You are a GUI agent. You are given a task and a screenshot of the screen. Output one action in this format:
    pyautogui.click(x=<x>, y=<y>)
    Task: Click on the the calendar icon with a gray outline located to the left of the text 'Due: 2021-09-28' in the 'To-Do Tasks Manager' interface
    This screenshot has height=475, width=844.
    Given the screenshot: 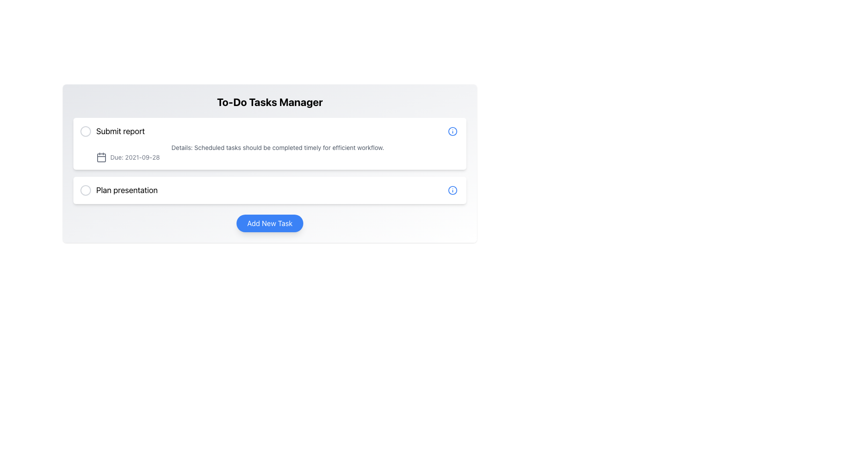 What is the action you would take?
    pyautogui.click(x=101, y=157)
    